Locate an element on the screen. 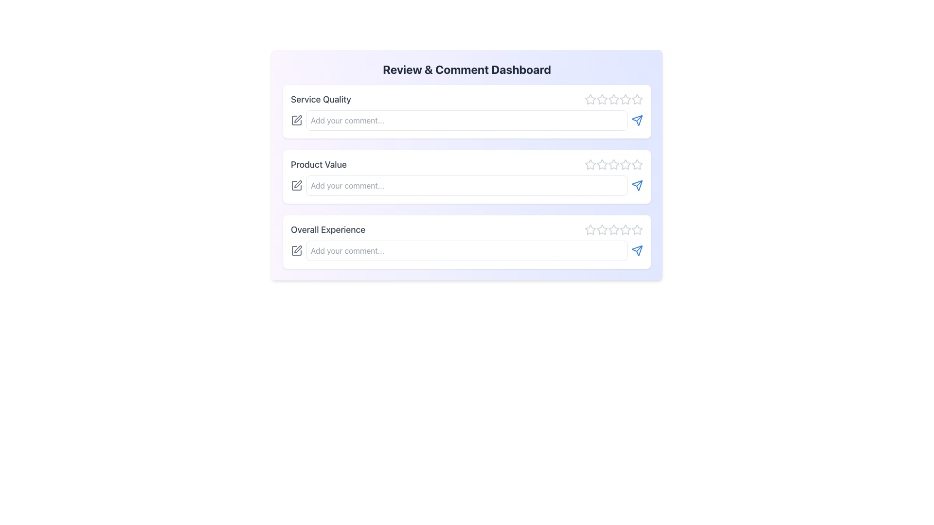  the first star icon in the rating line for 'Overall Experience' to rate it is located at coordinates (590, 229).